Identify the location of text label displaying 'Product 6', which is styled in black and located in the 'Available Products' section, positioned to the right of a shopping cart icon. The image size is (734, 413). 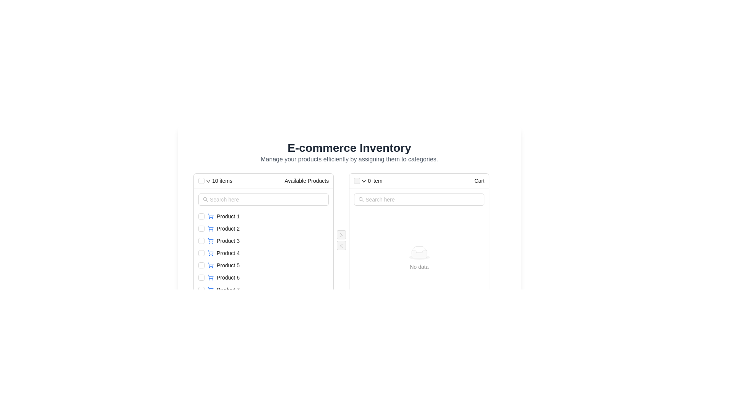
(227, 277).